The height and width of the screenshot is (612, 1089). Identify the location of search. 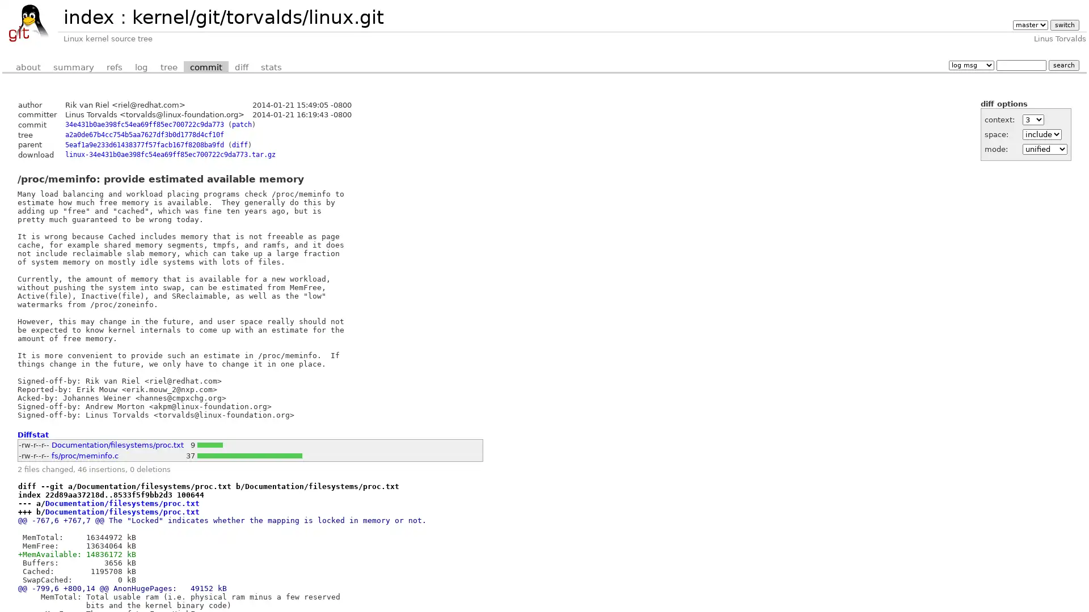
(1063, 65).